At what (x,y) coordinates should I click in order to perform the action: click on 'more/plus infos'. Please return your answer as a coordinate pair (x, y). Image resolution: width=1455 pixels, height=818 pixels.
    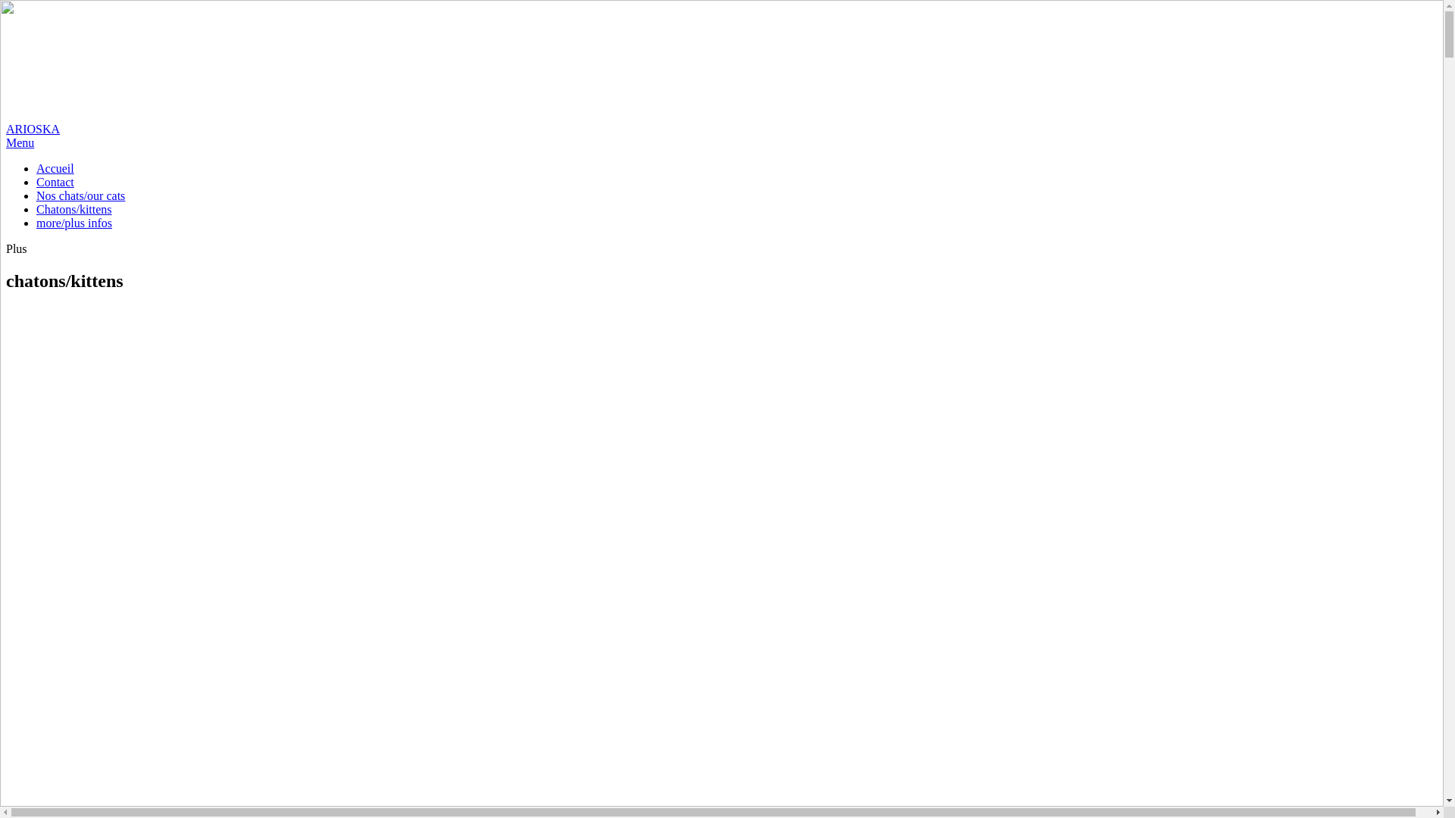
    Looking at the image, I should click on (73, 223).